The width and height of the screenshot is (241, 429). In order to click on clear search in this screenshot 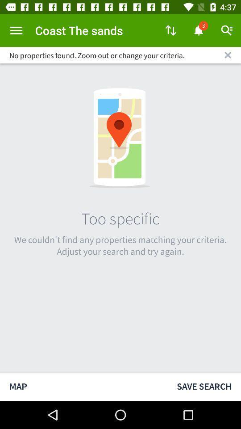, I will do `click(228, 55)`.